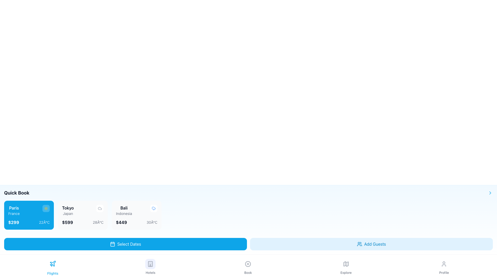 This screenshot has height=279, width=497. Describe the element at coordinates (346, 264) in the screenshot. I see `the map-shaped icon in the bottom navigation bar, which is enclosed in a rounded rectangle with a light green background and is centrally positioned within the 'Explore' button` at that location.